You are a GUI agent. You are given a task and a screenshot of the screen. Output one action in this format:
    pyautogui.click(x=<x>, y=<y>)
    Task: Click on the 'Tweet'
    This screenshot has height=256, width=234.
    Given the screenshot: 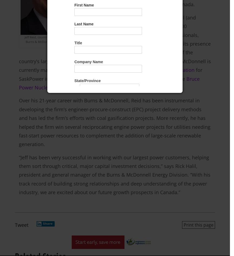 What is the action you would take?
    pyautogui.click(x=15, y=224)
    